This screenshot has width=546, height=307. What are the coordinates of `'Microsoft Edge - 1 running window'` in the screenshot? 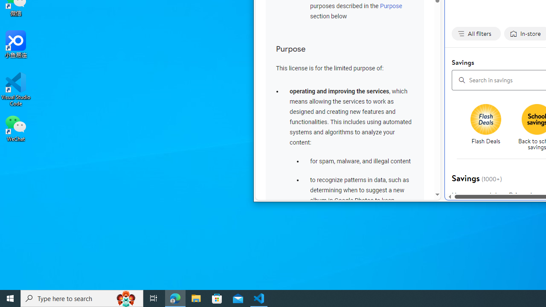 It's located at (175, 298).